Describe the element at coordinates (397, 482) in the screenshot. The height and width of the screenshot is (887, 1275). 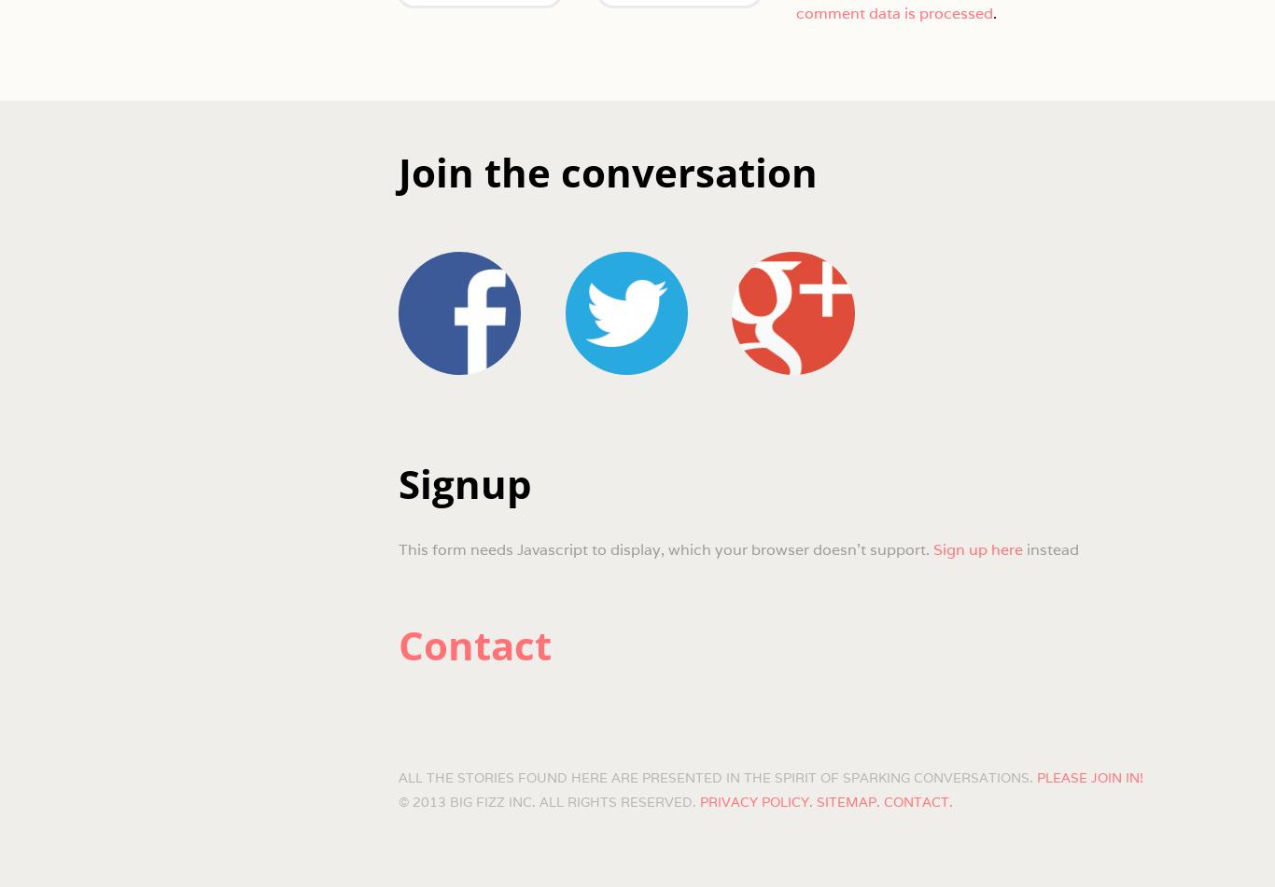
I see `'Signup'` at that location.